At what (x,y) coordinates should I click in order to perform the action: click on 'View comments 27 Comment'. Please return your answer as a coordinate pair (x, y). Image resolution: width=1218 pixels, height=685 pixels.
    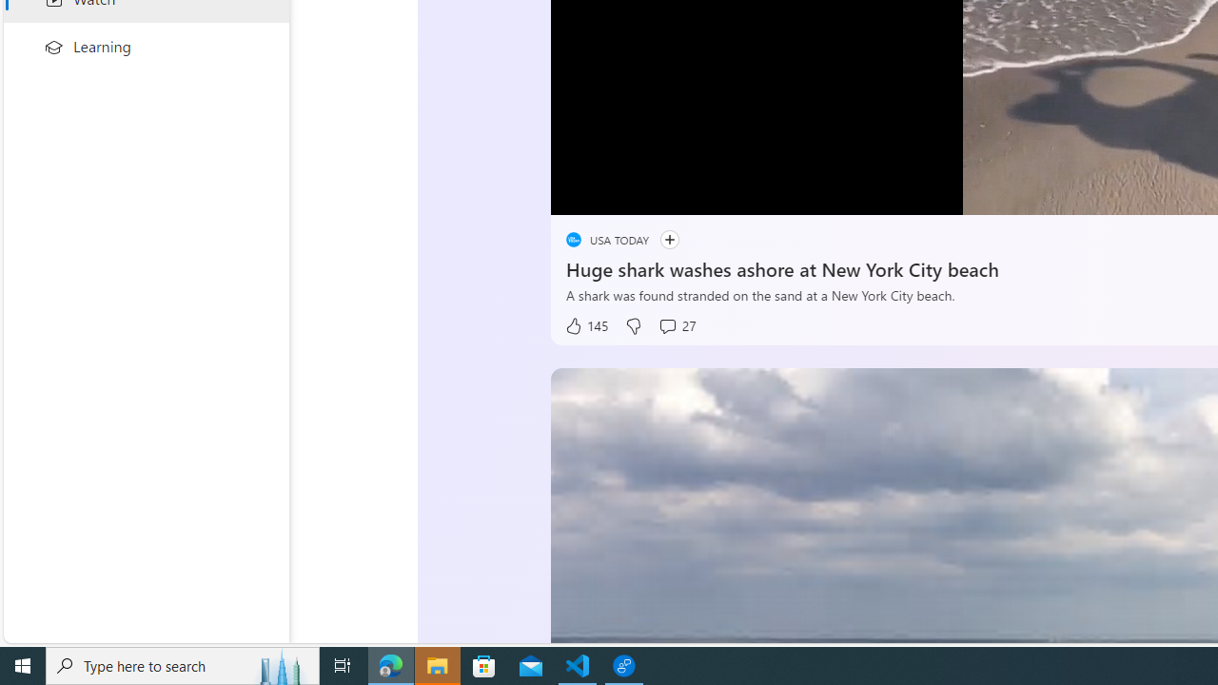
    Looking at the image, I should click on (677, 325).